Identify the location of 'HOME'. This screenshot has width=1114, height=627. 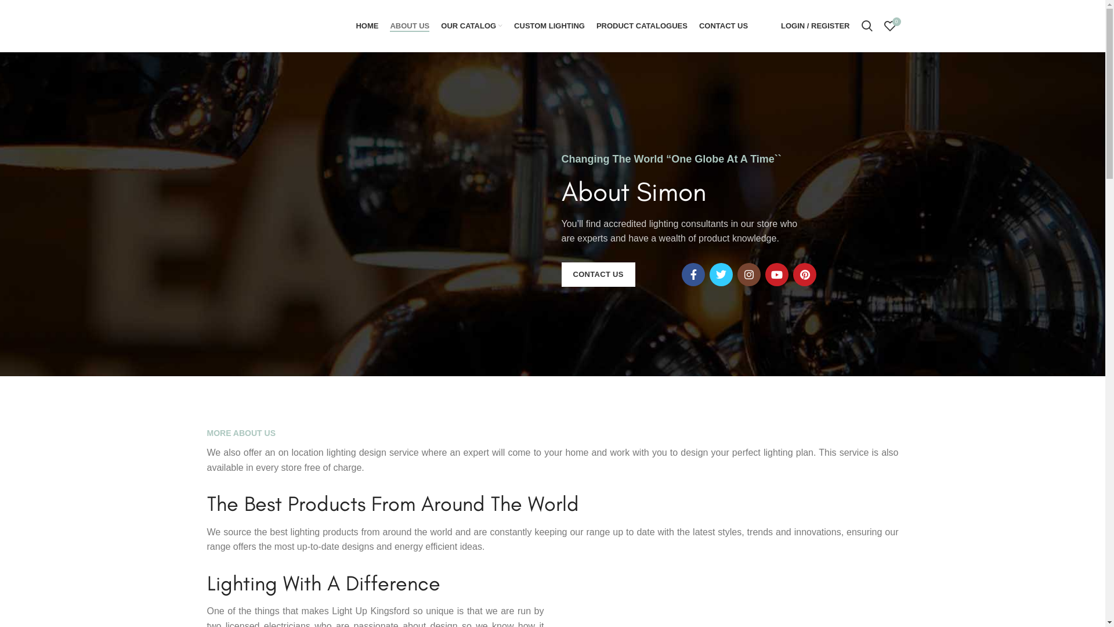
(349, 25).